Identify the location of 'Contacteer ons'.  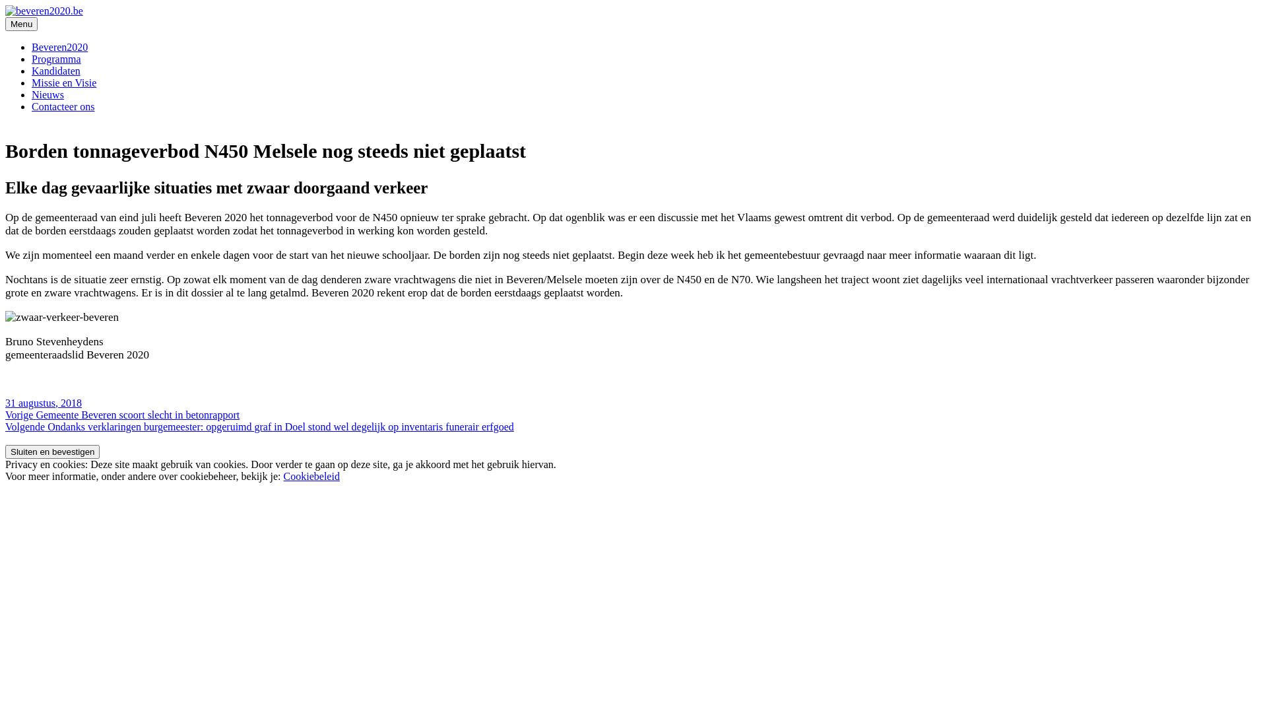
(63, 106).